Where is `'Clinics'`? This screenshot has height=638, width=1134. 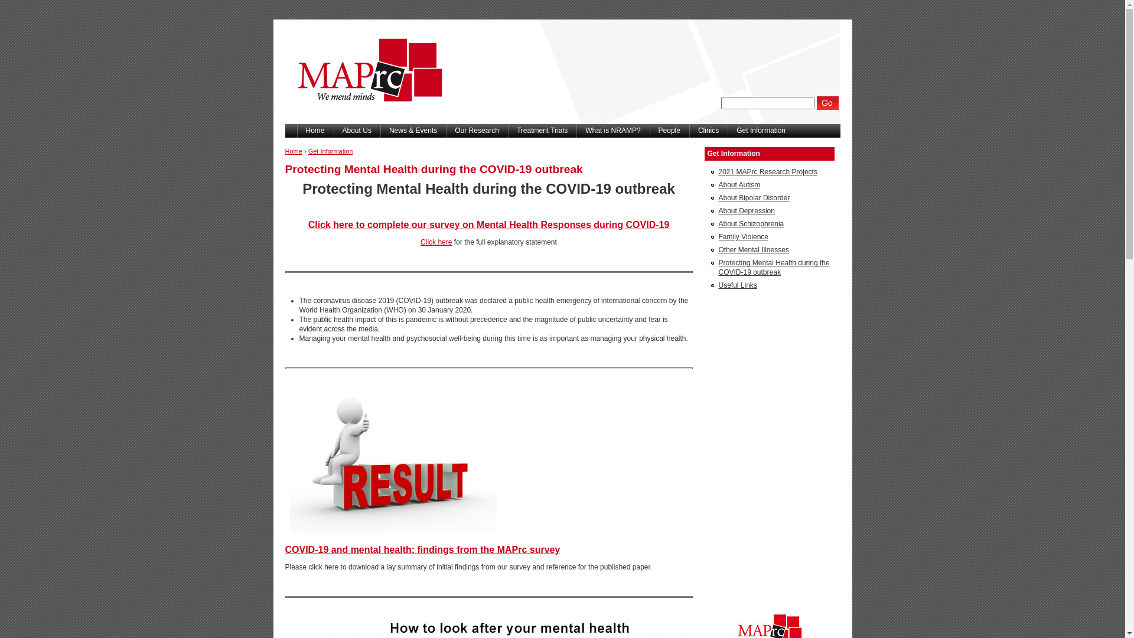 'Clinics' is located at coordinates (689, 131).